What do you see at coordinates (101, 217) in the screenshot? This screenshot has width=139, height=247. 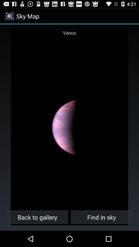 I see `button to the right of back to gallery` at bounding box center [101, 217].